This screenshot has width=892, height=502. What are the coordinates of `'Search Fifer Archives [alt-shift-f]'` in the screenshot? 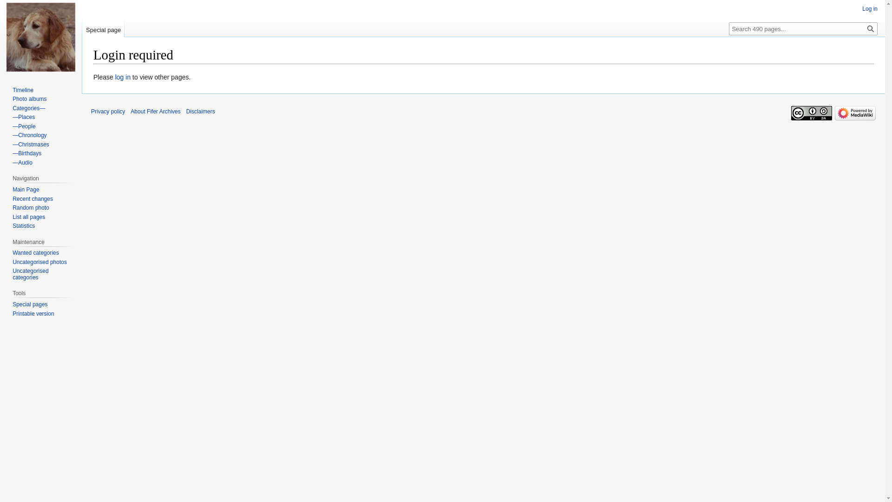 It's located at (802, 28).